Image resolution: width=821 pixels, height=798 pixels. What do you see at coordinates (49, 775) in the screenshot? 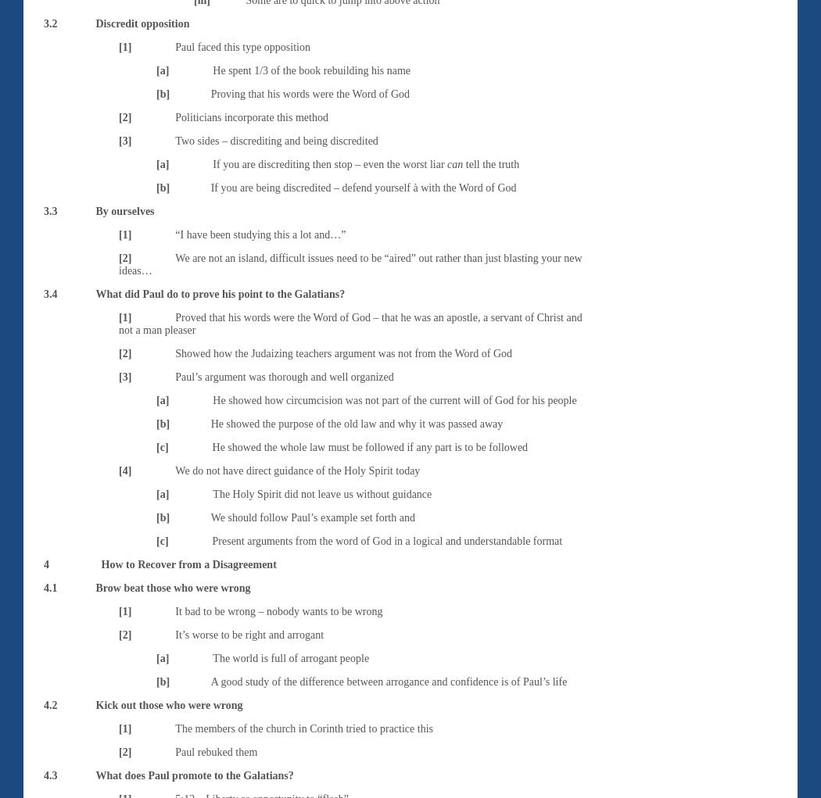
I see `'4.3'` at bounding box center [49, 775].